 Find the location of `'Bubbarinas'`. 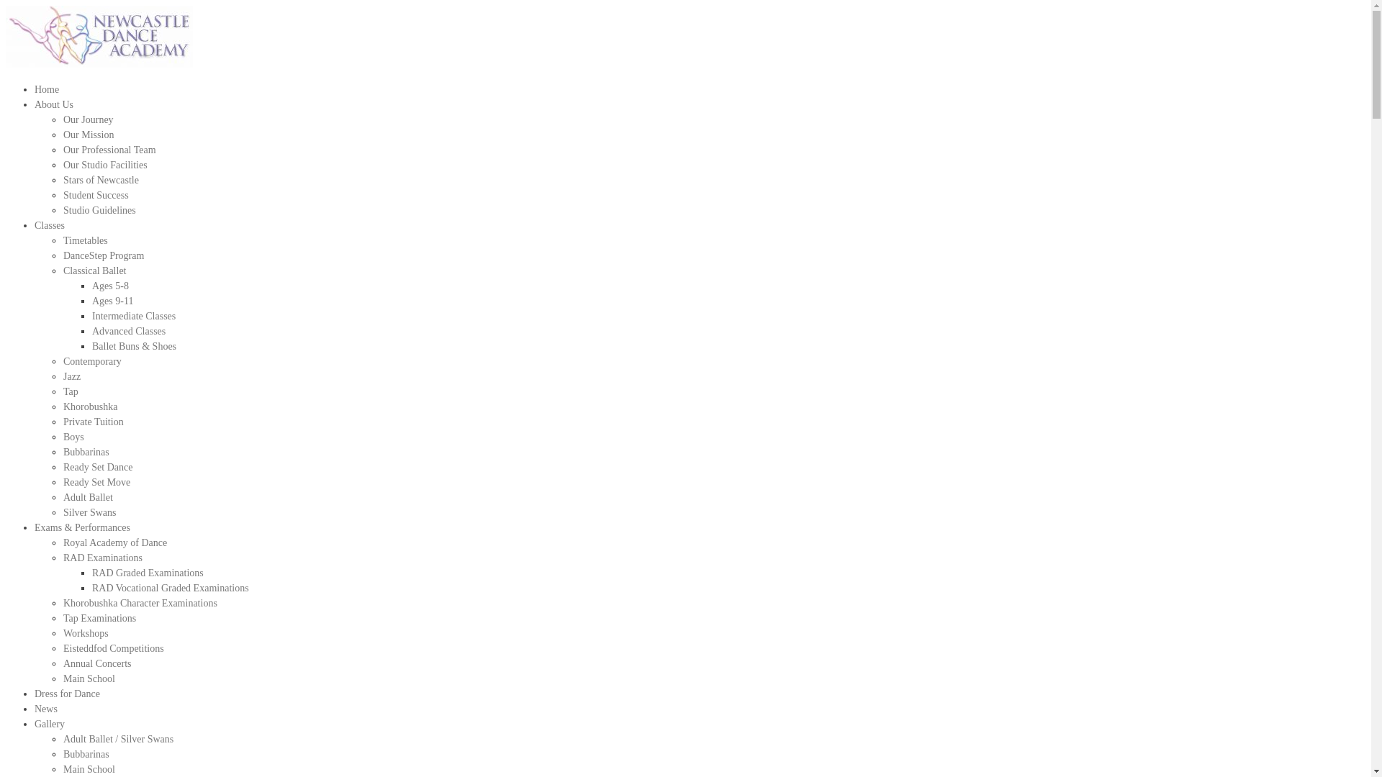

'Bubbarinas' is located at coordinates (62, 753).